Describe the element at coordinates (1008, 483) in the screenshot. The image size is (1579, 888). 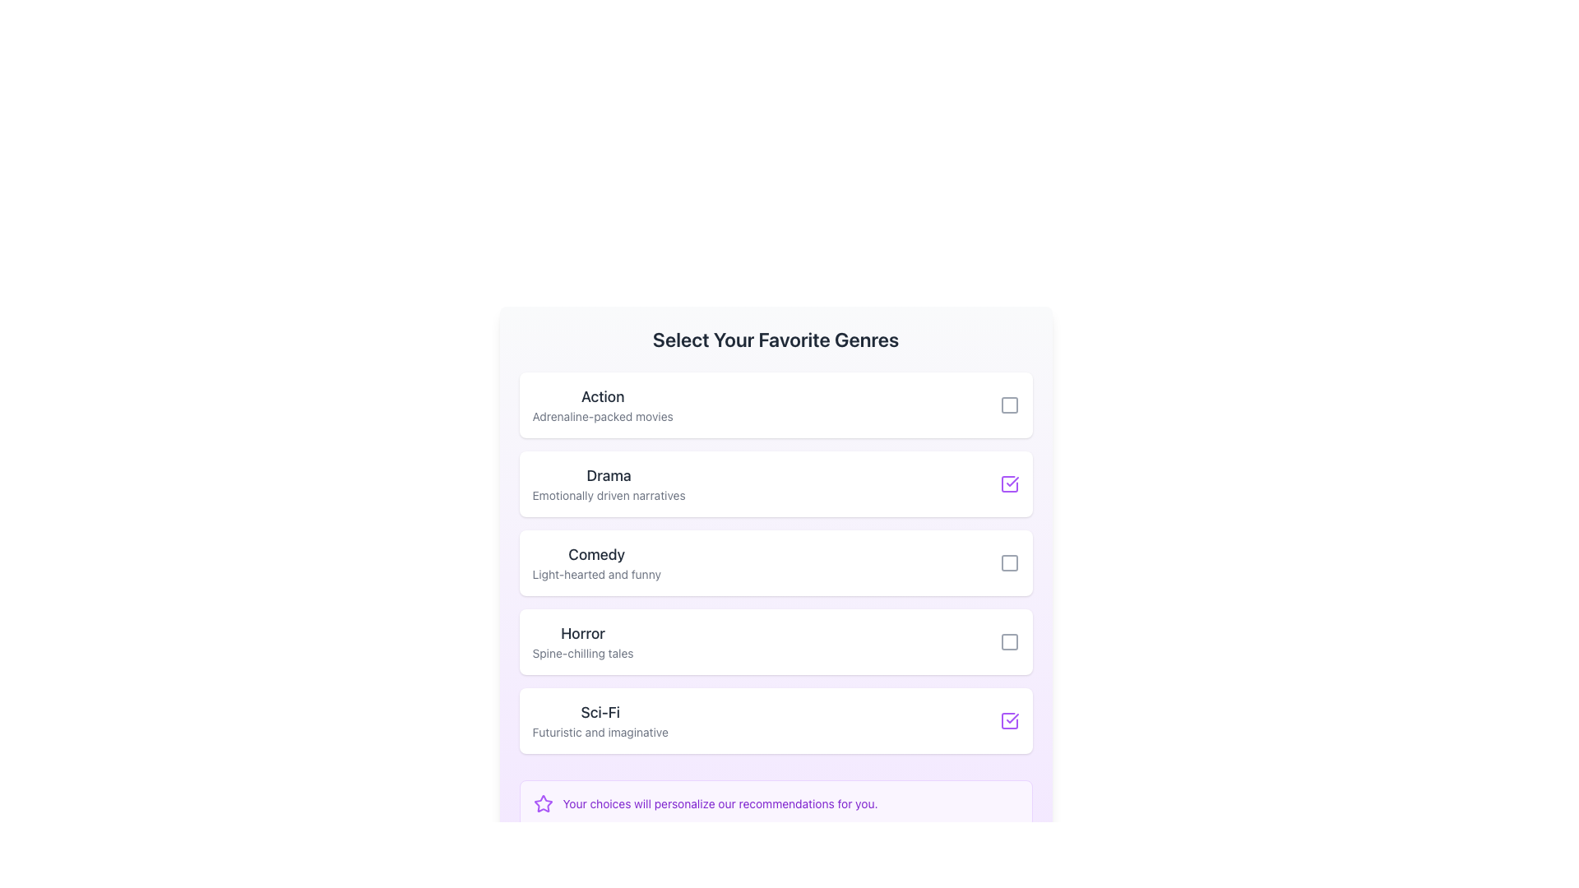
I see `the checkbox with a purple border indicating a selected state in the 'Drama' section` at that location.